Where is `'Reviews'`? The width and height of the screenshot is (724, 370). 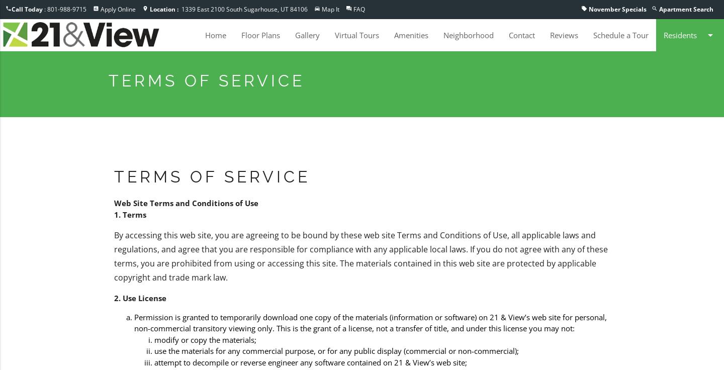 'Reviews' is located at coordinates (564, 35).